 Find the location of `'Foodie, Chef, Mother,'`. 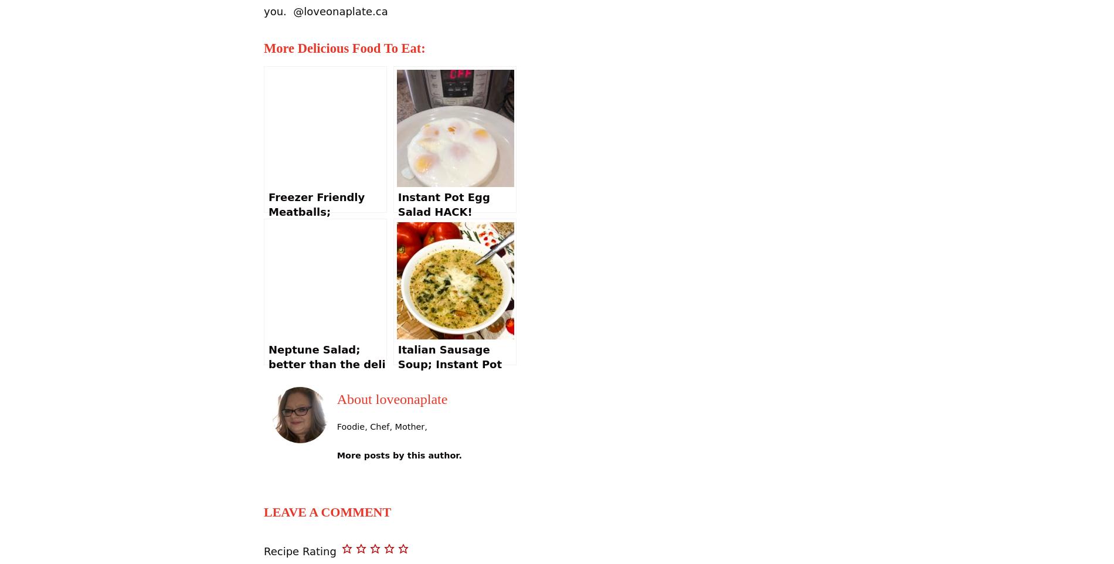

'Foodie, Chef, Mother,' is located at coordinates (381, 427).